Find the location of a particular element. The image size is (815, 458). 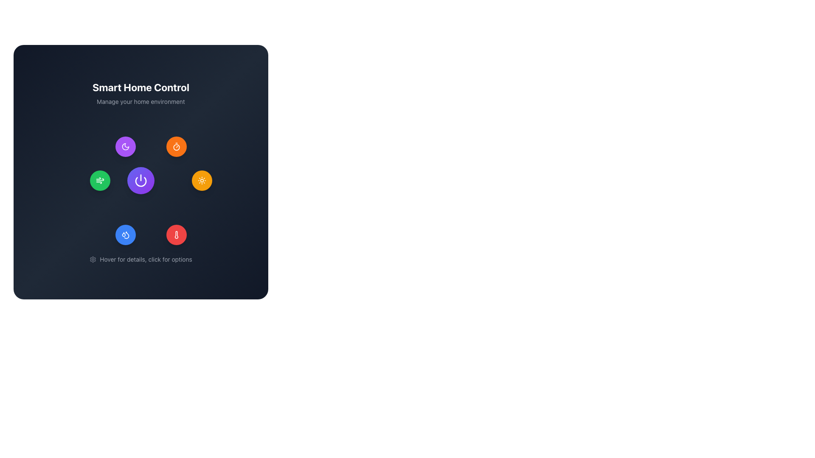

the water control icon located below the central power button in the smart home control interface is located at coordinates (123, 234).